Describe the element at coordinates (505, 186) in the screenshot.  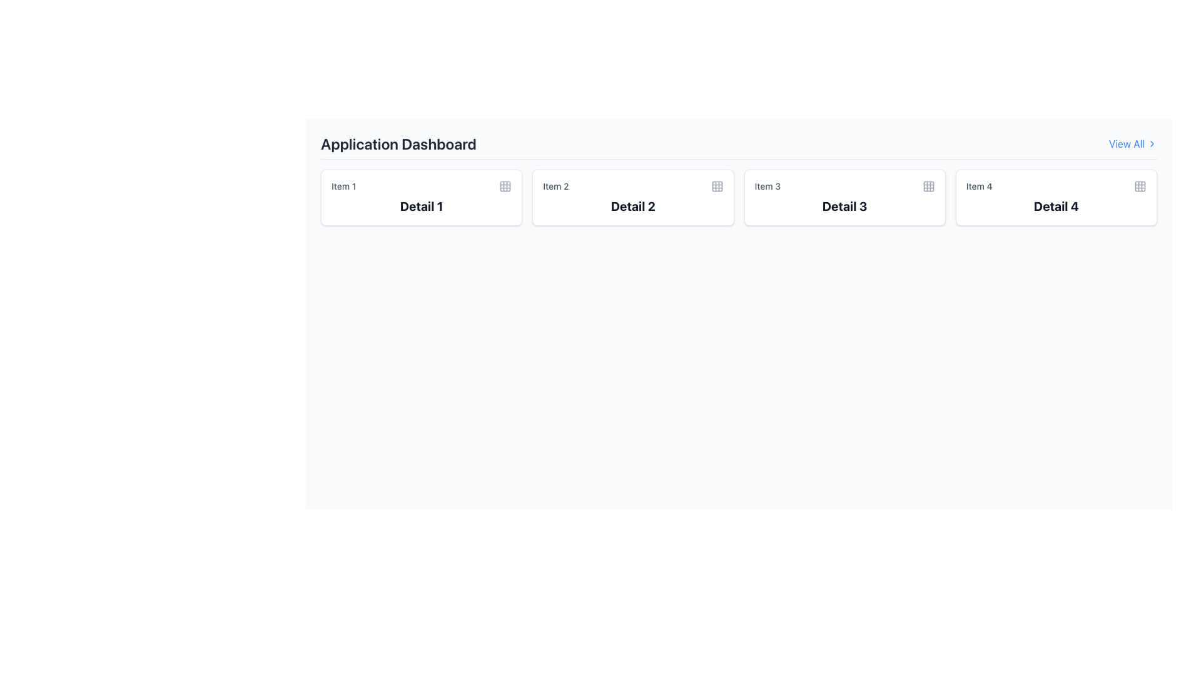
I see `the grid layout associated with the center square element` at that location.